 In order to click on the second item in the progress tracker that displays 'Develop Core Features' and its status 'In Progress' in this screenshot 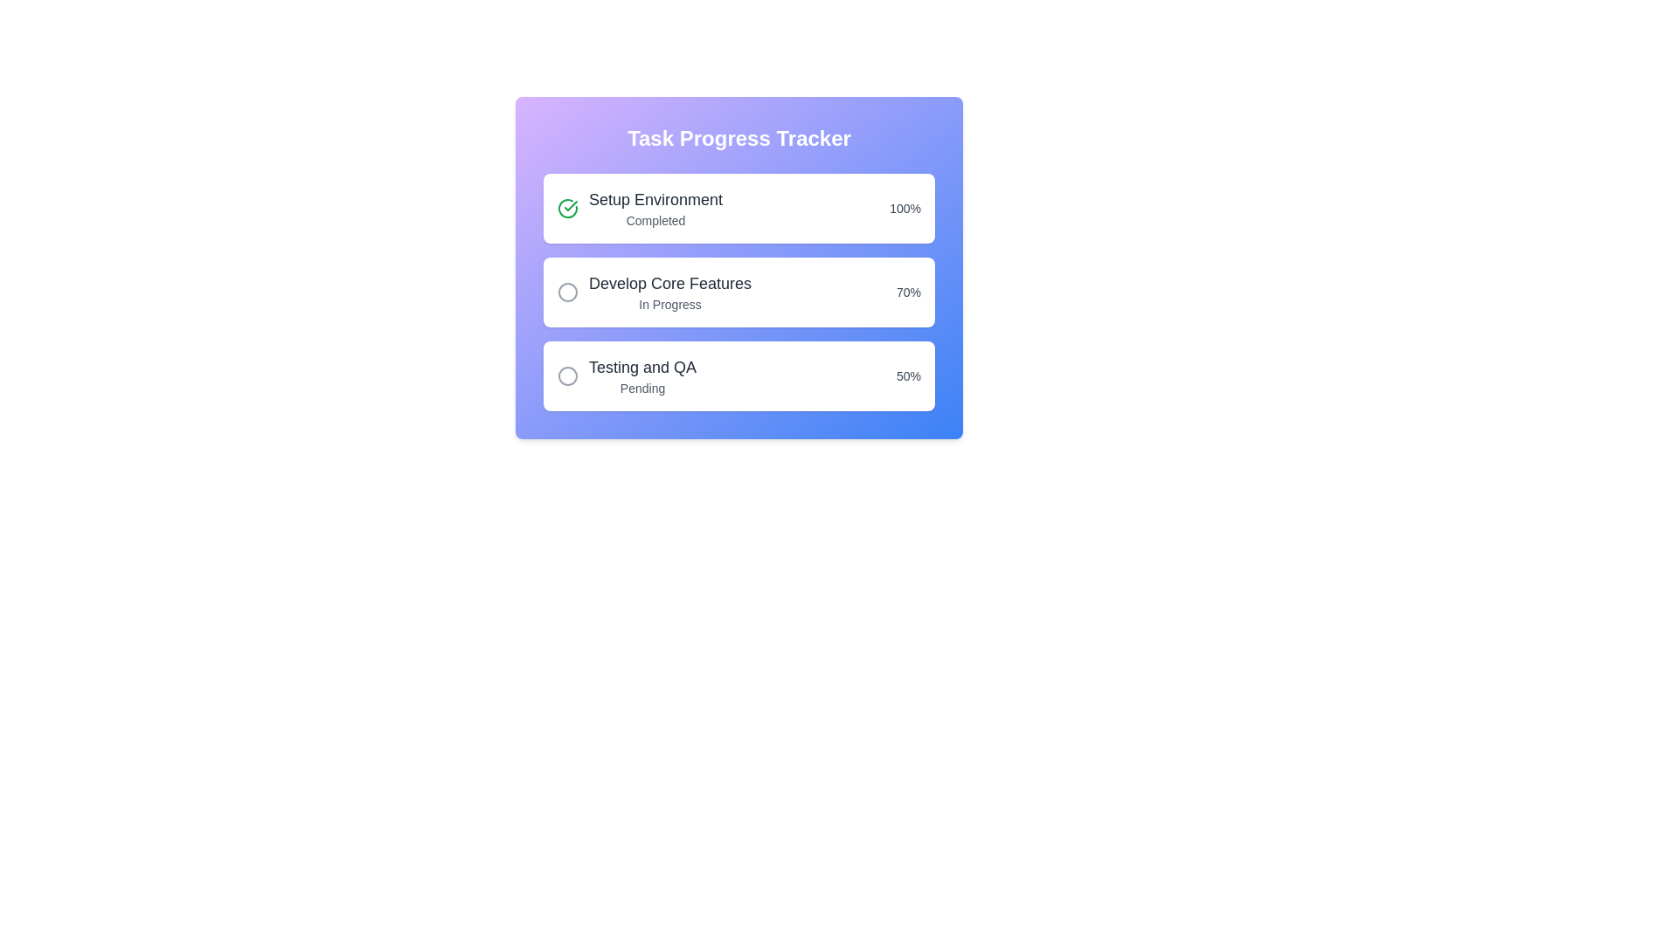, I will do `click(653, 292)`.